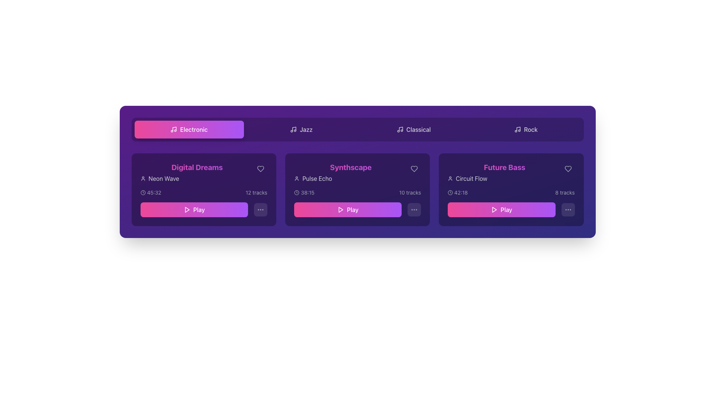  What do you see at coordinates (143, 179) in the screenshot?
I see `the SVG icon located to the left of the label text 'Neon Wave' in the 'Digital Dreams' section` at bounding box center [143, 179].